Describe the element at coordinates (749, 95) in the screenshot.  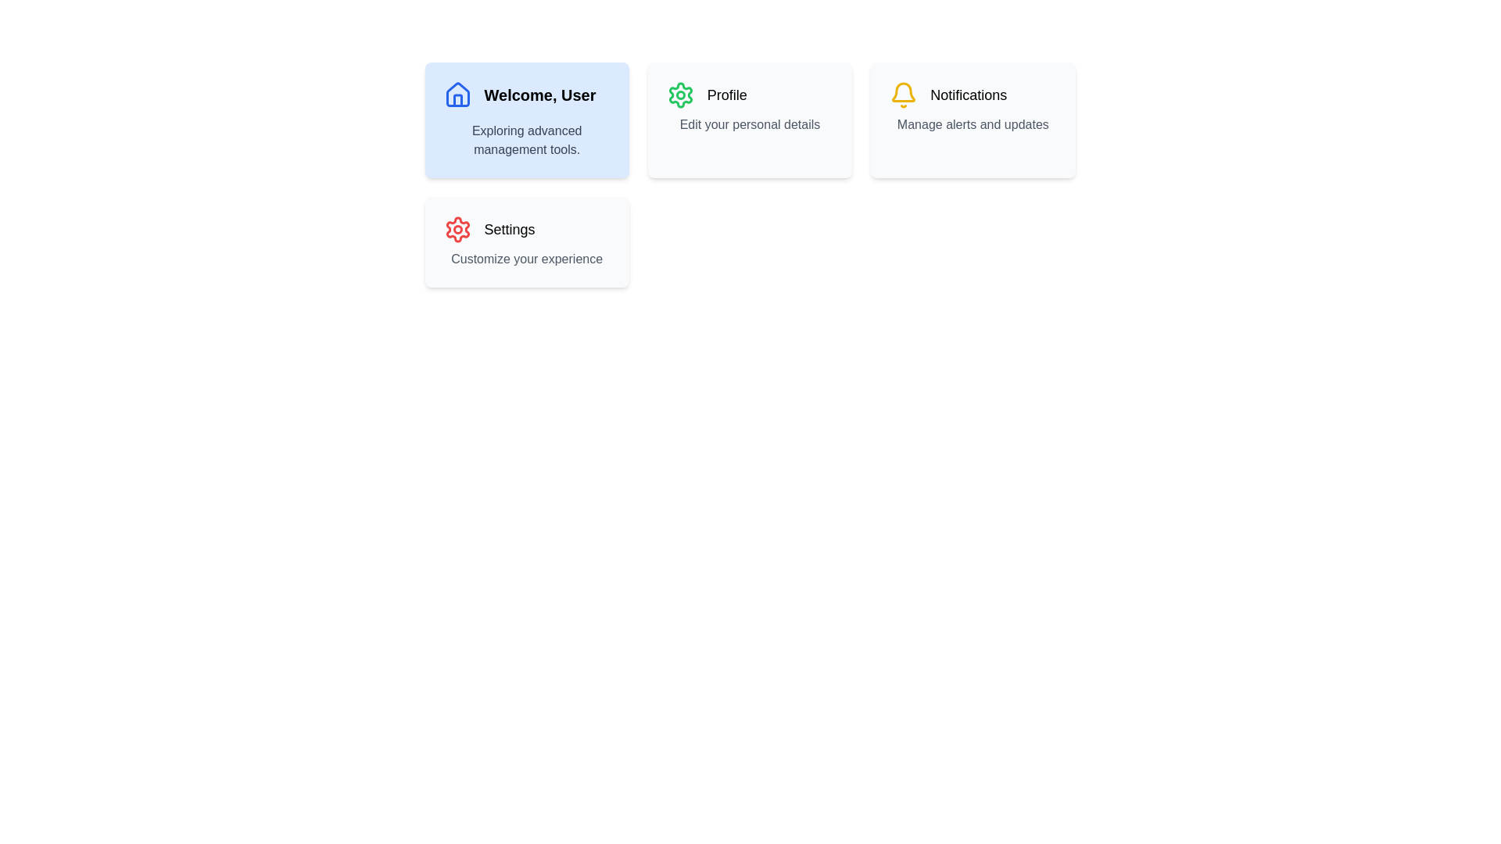
I see `the navigational link labeled 'Profile' which features a green settings icon and is located in the top row, second column, beneath 'Edit your personal details'` at that location.